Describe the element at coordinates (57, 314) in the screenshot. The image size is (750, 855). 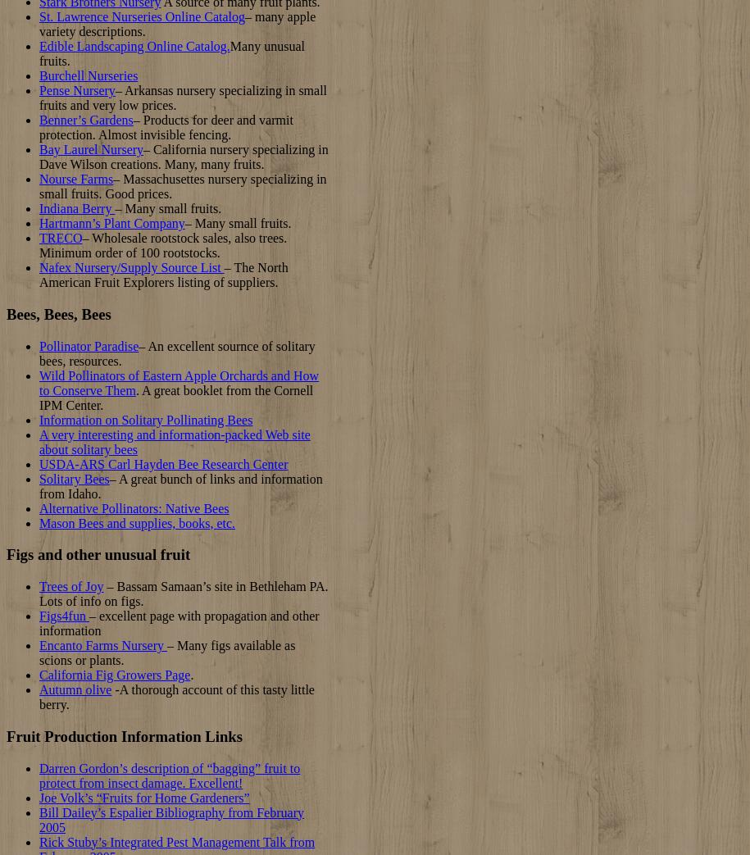
I see `'Bees, Bees, Bees'` at that location.